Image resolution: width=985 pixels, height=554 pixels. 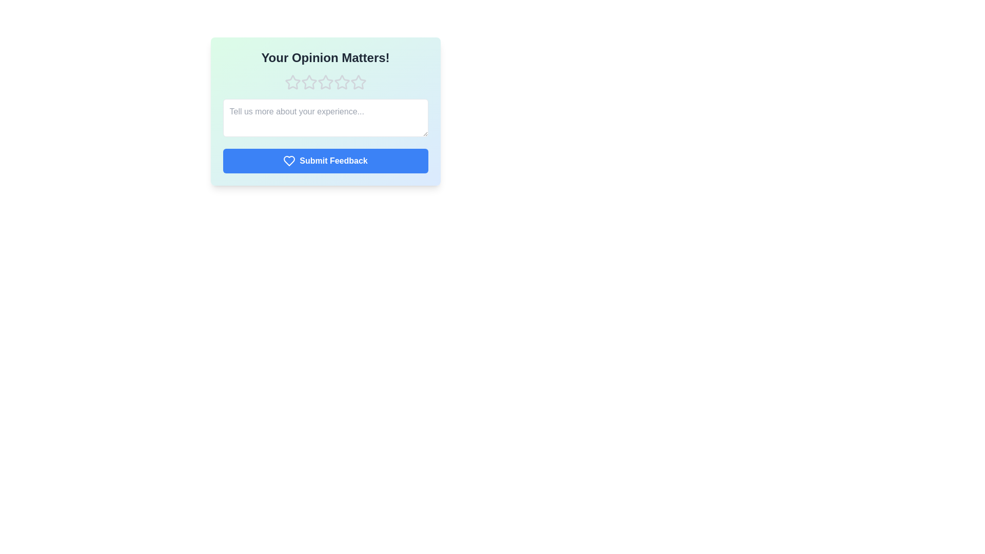 I want to click on the fourth star in the 5-star rating system, so click(x=325, y=82).